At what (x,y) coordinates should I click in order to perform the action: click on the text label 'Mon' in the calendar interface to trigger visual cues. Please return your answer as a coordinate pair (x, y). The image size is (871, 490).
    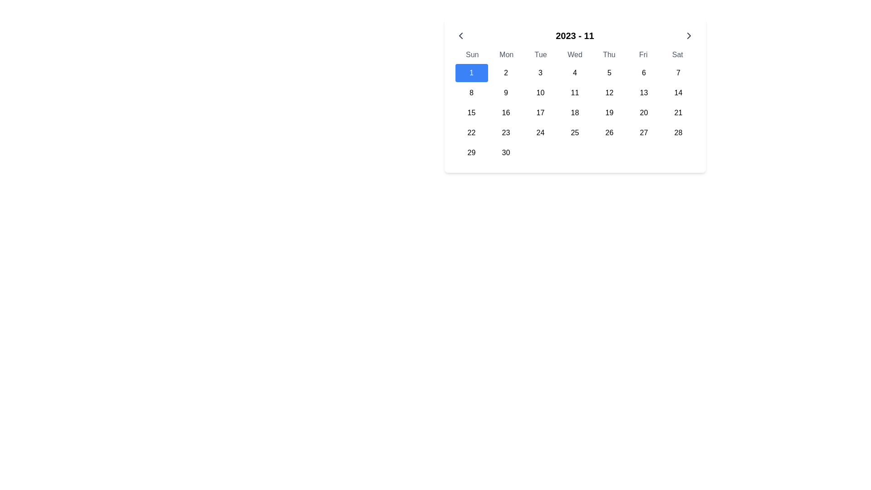
    Looking at the image, I should click on (506, 54).